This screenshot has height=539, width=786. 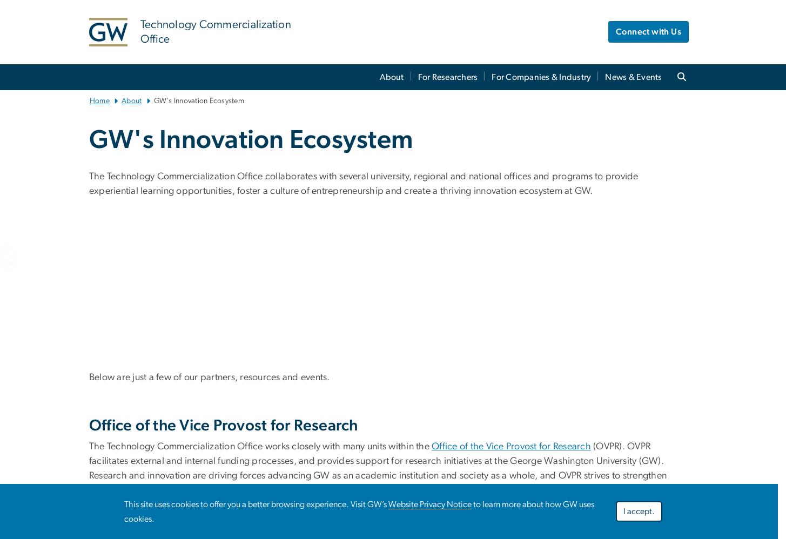 I want to click on 'The Technology Commercialization Office works closely with many units within the', so click(x=260, y=447).